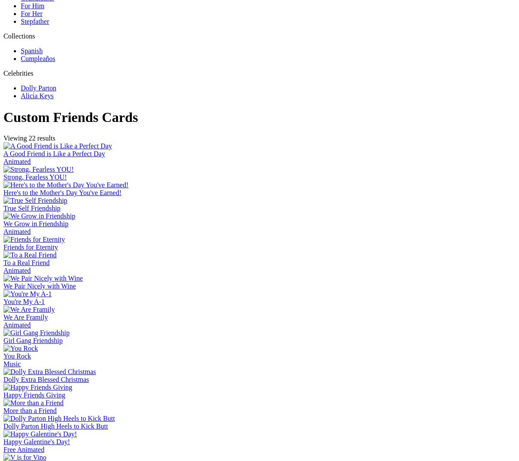 The image size is (519, 461). I want to click on 'Dolly Parton', so click(38, 87).